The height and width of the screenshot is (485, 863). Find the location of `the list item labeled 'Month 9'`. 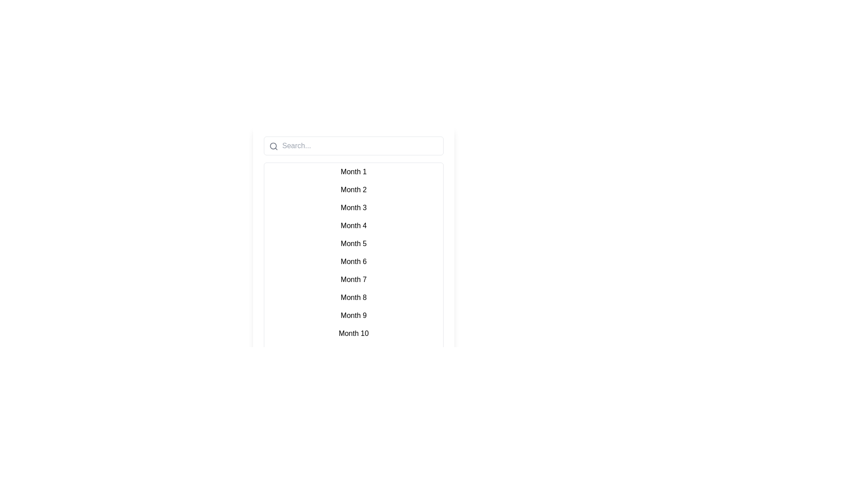

the list item labeled 'Month 9' is located at coordinates (353, 315).